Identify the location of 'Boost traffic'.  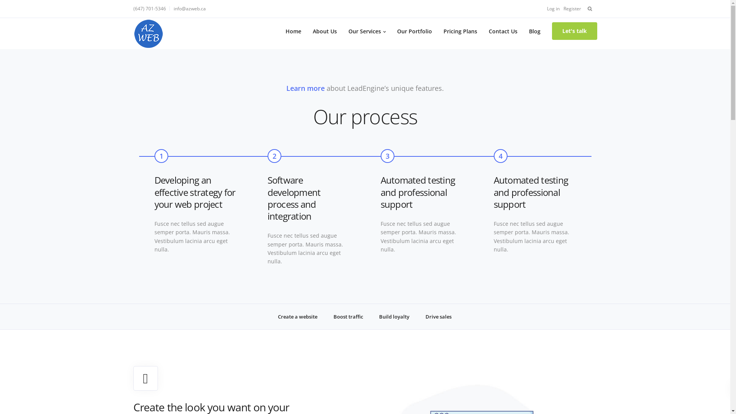
(348, 317).